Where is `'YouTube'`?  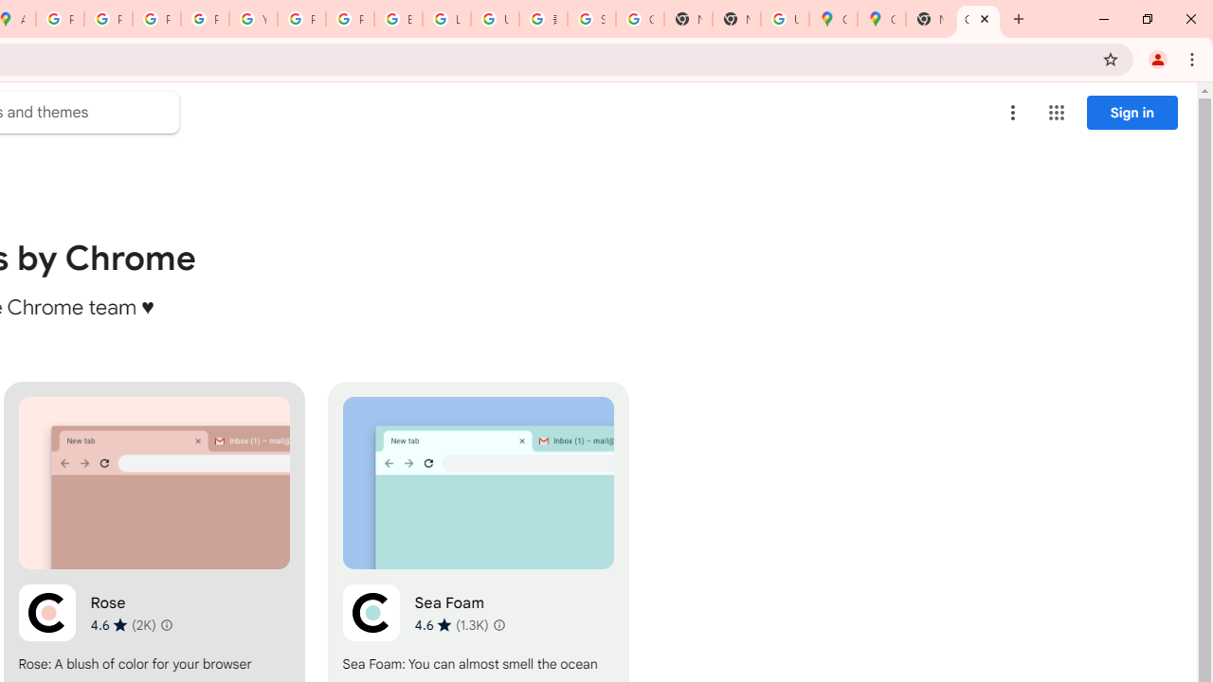
'YouTube' is located at coordinates (252, 19).